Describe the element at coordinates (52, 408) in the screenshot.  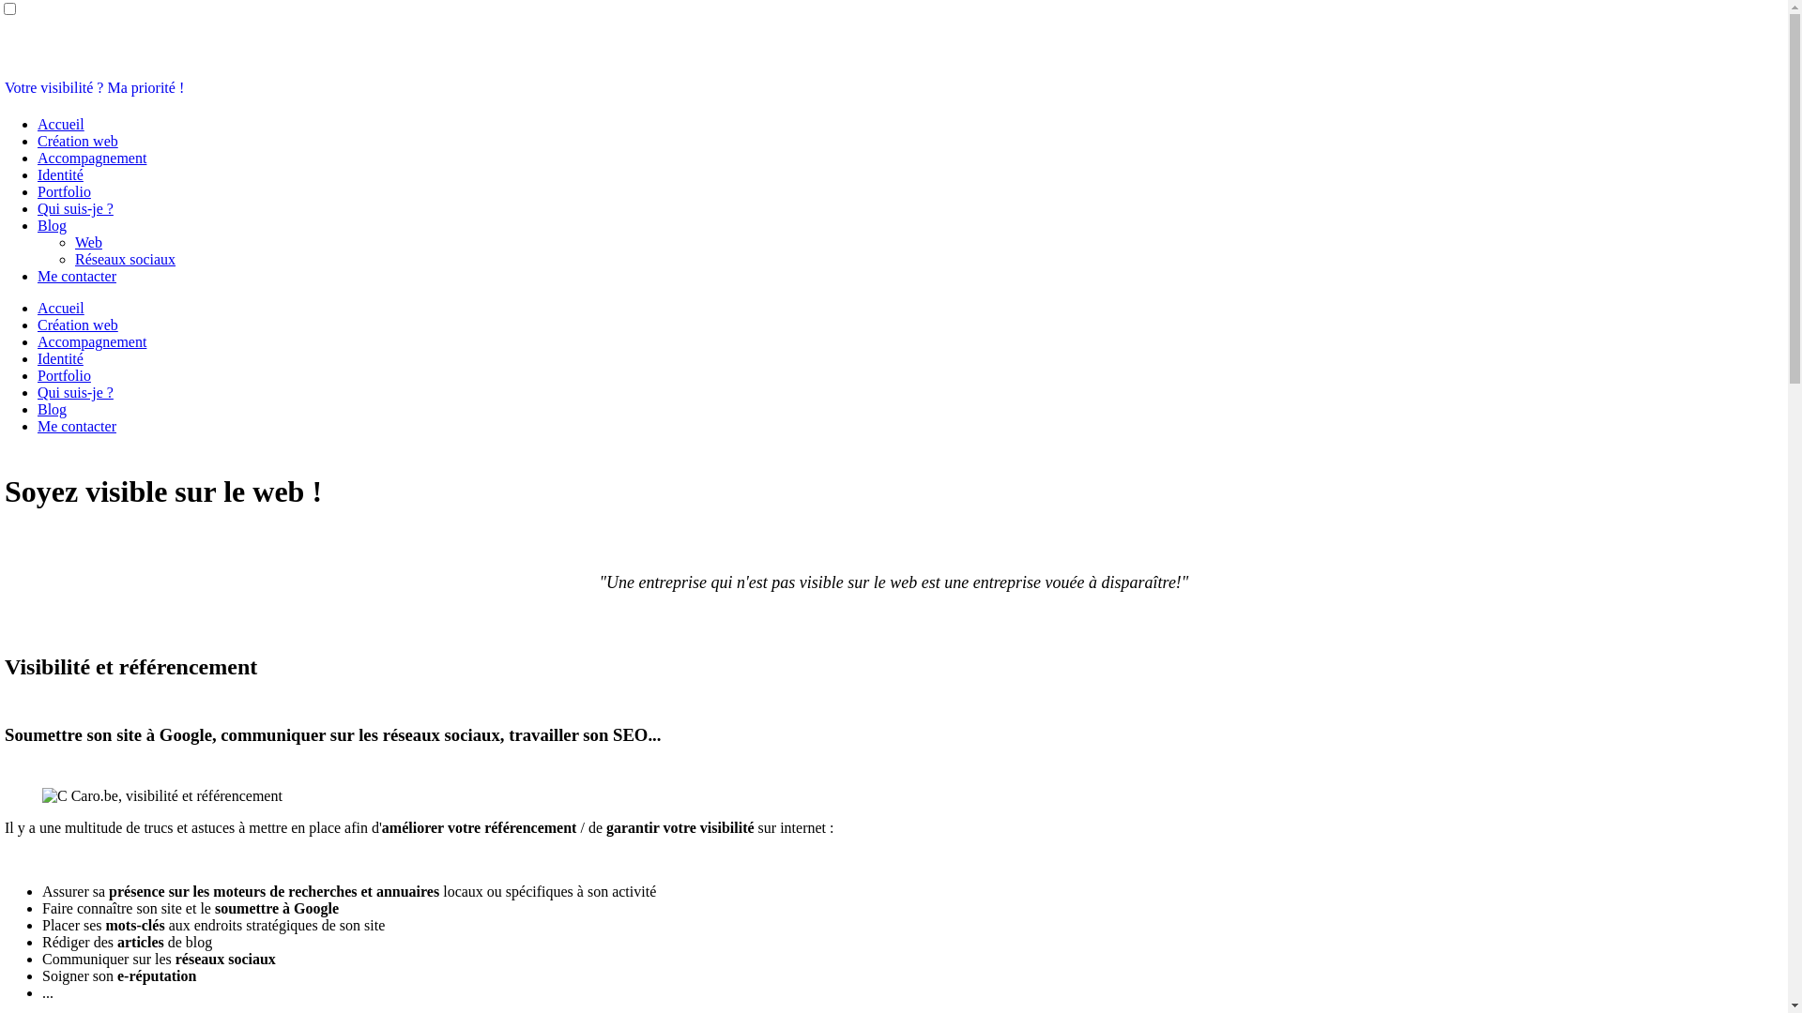
I see `'Blog'` at that location.